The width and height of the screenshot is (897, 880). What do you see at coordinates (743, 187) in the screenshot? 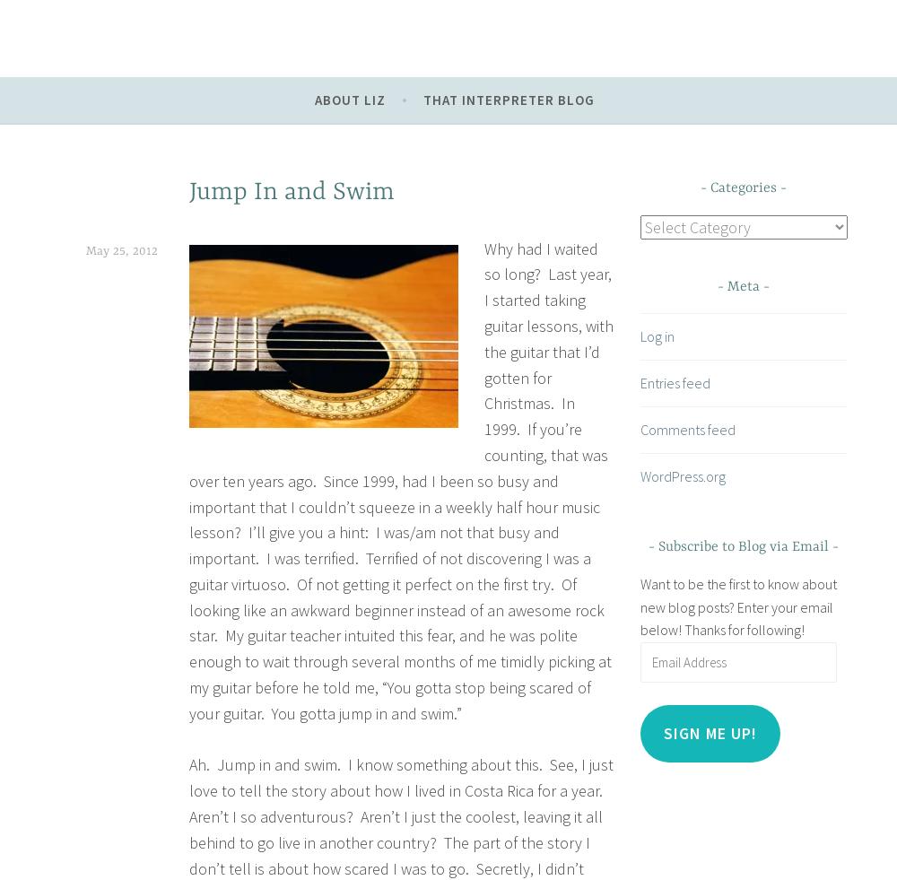
I see `'Categories'` at bounding box center [743, 187].